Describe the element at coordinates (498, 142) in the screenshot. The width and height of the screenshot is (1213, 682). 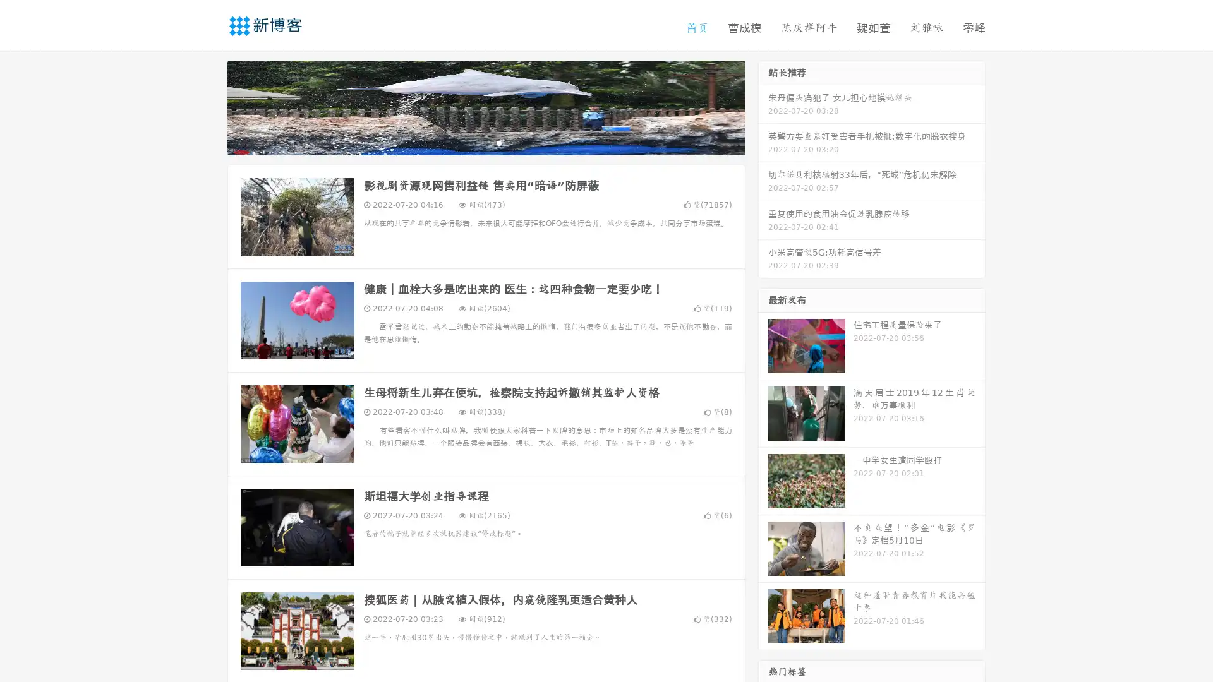
I see `Go to slide 3` at that location.